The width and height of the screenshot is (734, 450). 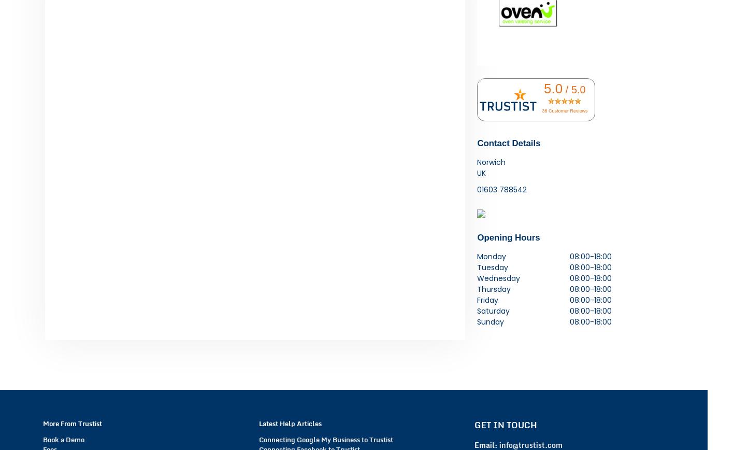 What do you see at coordinates (487, 300) in the screenshot?
I see `'Friday'` at bounding box center [487, 300].